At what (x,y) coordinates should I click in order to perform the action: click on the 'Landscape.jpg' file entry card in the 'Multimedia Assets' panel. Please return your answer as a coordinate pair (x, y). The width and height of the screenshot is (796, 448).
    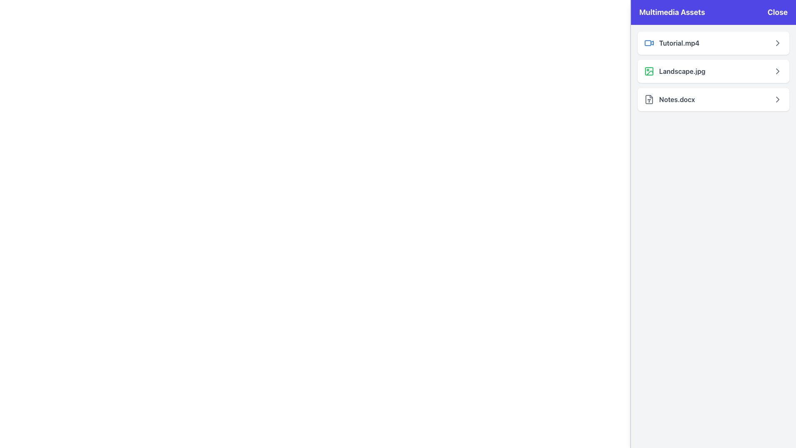
    Looking at the image, I should click on (713, 71).